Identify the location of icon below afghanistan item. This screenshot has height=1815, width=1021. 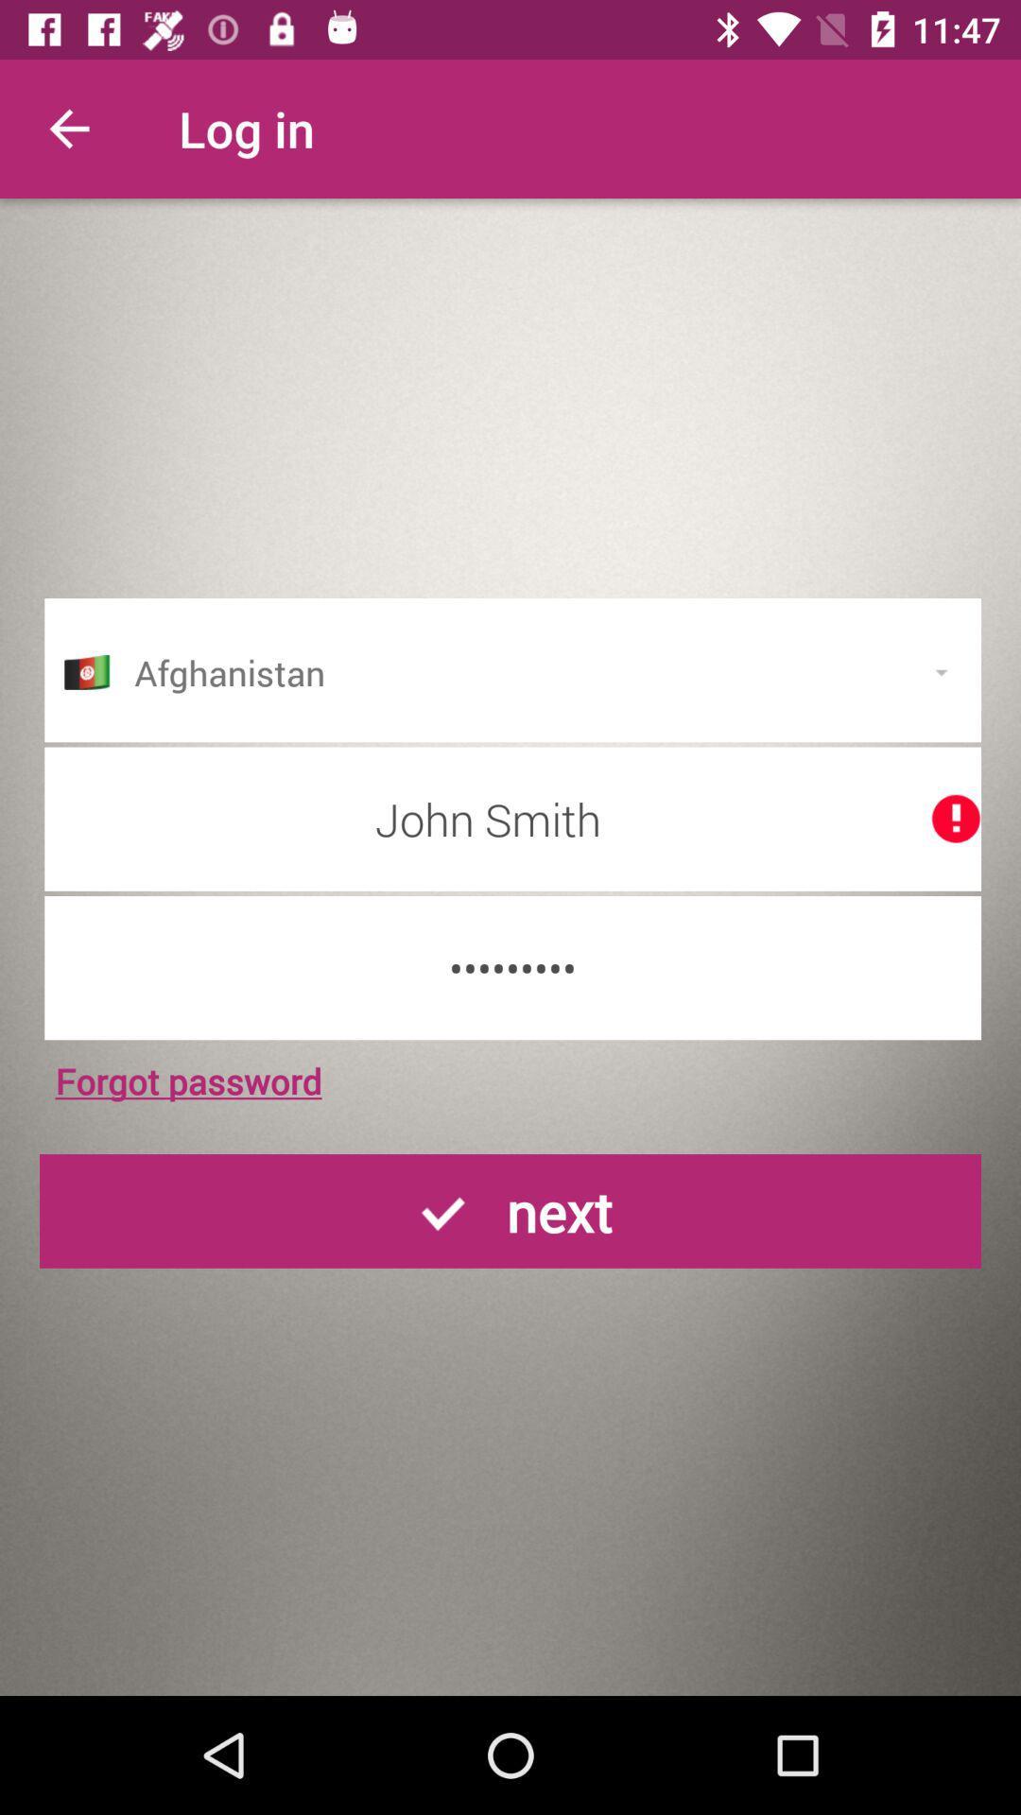
(512, 819).